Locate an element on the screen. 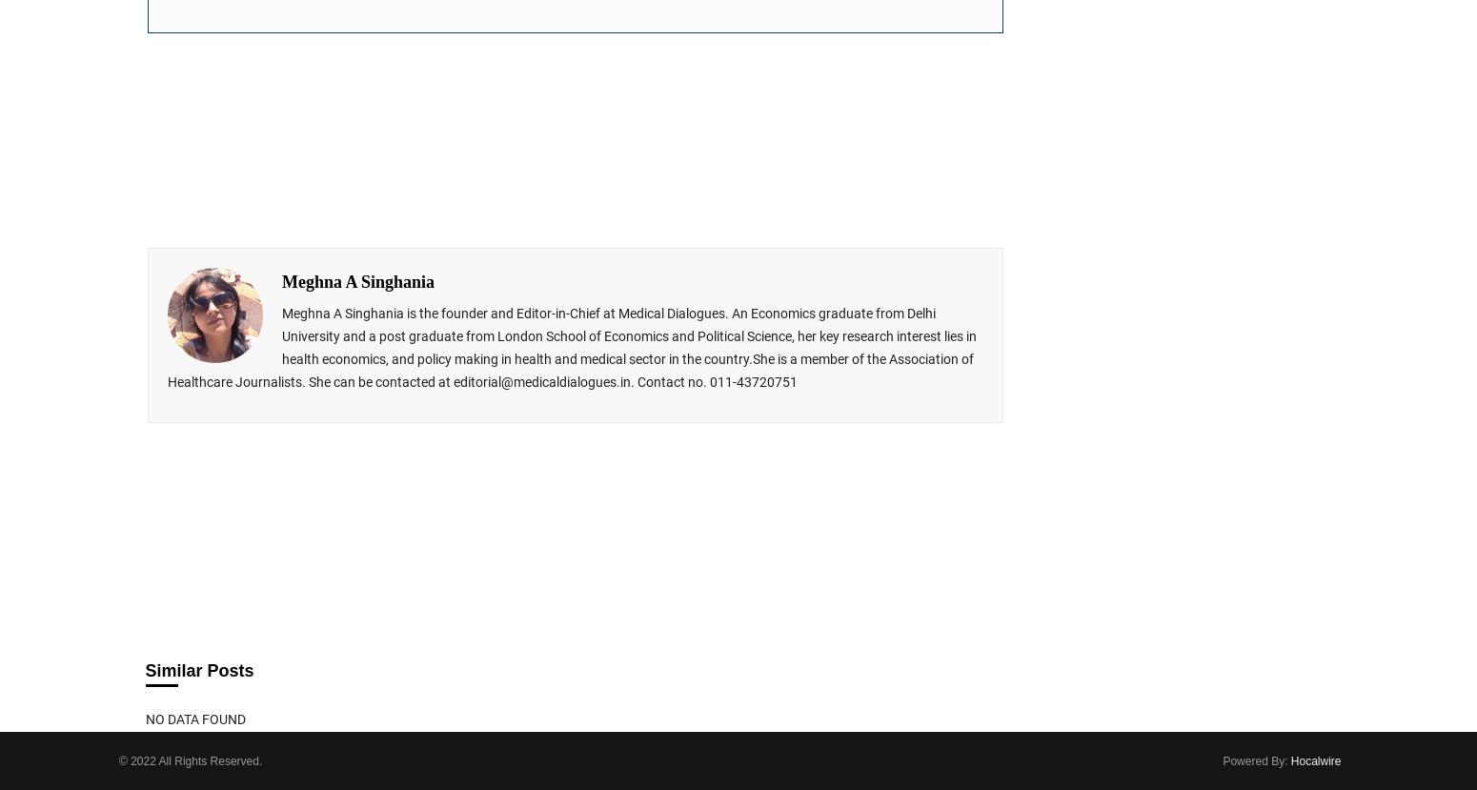 This screenshot has width=1477, height=790. 'NO DATA FOUND' is located at coordinates (193, 719).